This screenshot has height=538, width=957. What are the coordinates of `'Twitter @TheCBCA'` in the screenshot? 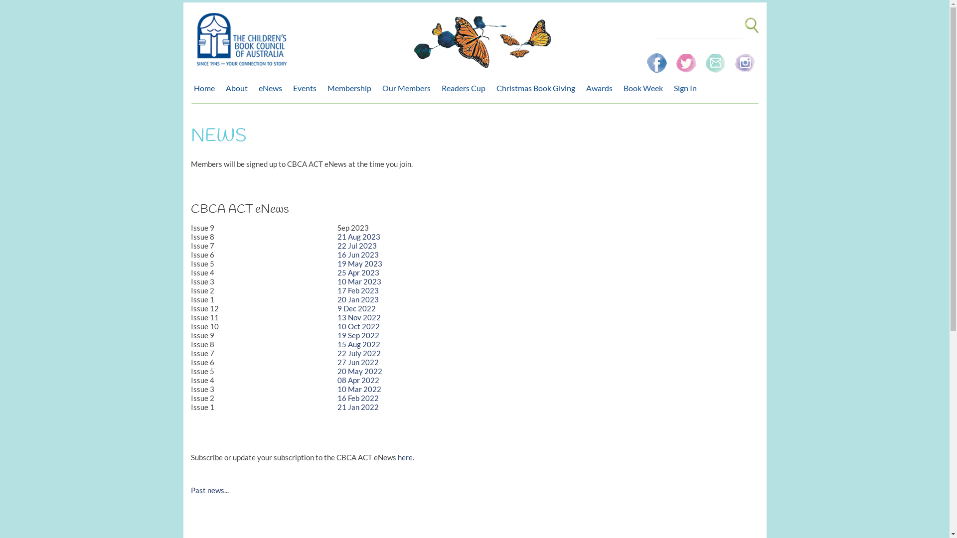 It's located at (672, 59).